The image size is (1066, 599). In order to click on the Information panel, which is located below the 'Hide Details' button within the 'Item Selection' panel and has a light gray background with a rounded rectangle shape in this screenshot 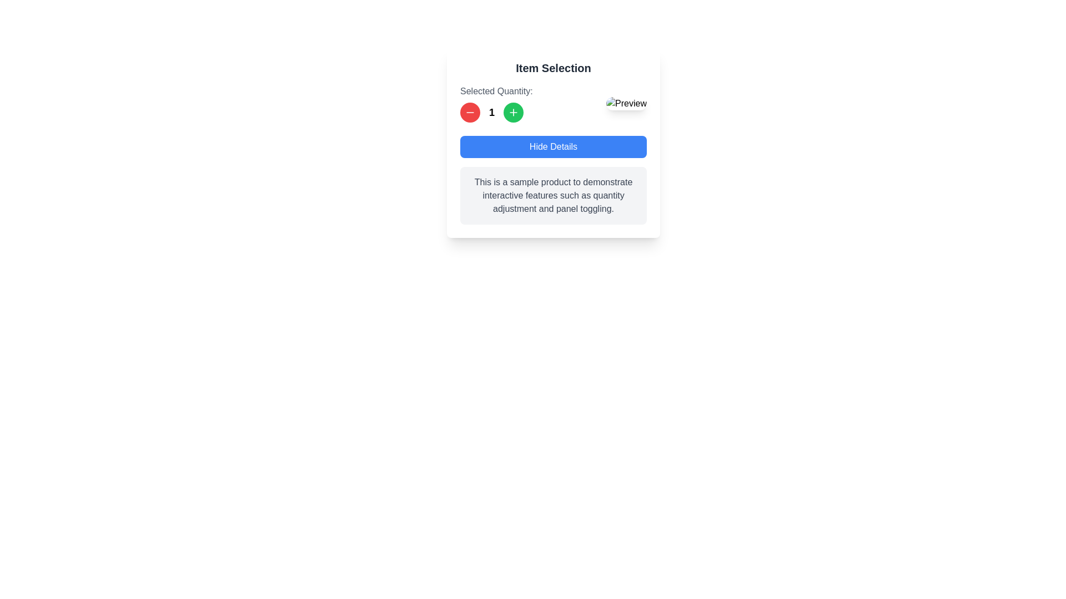, I will do `click(554, 179)`.